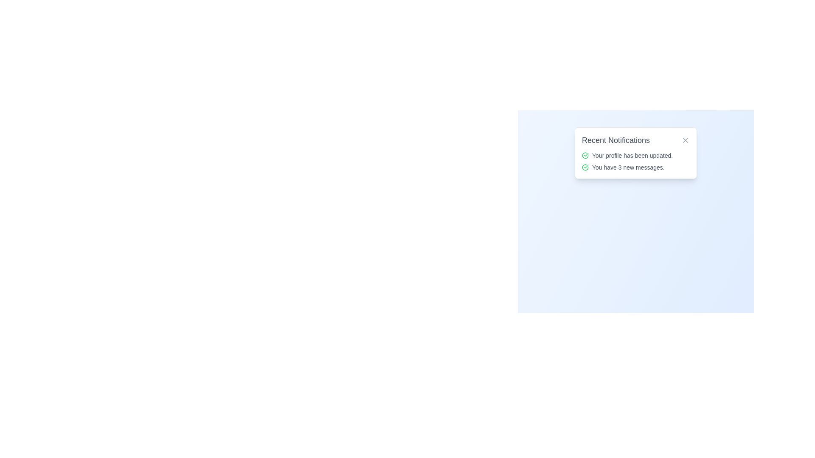  What do you see at coordinates (635, 155) in the screenshot?
I see `the first notification item in the 'Recent Notifications' section that indicates a successful profile update, which includes text and an icon for visual emphasis` at bounding box center [635, 155].